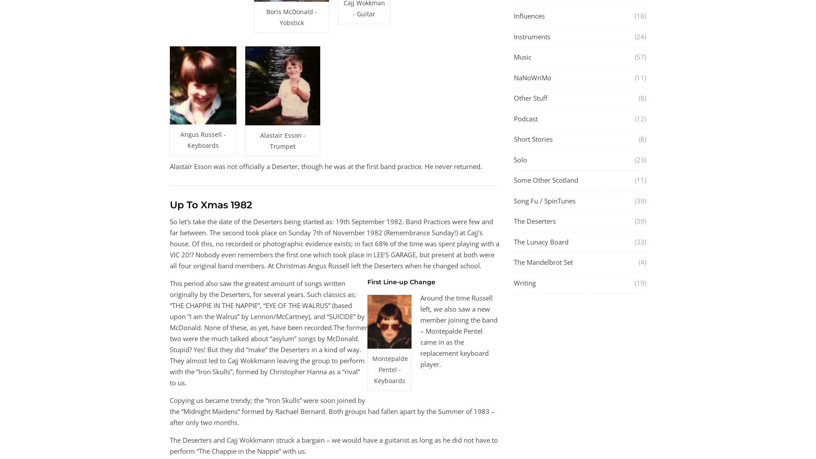 The image size is (816, 459). Describe the element at coordinates (419, 331) in the screenshot. I see `'Around the time Russell left, we also saw a new member joining the band – Montepalde Pentel came in as the replacement keyboard player.'` at that location.